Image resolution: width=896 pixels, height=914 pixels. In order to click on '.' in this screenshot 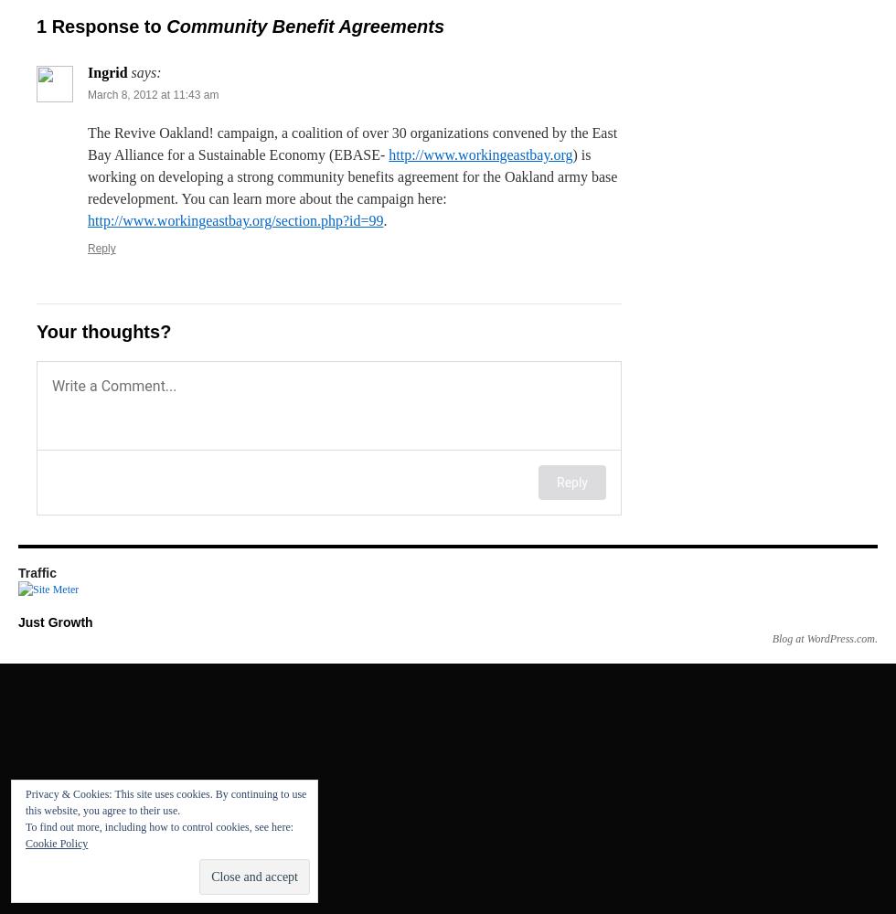, I will do `click(385, 219)`.